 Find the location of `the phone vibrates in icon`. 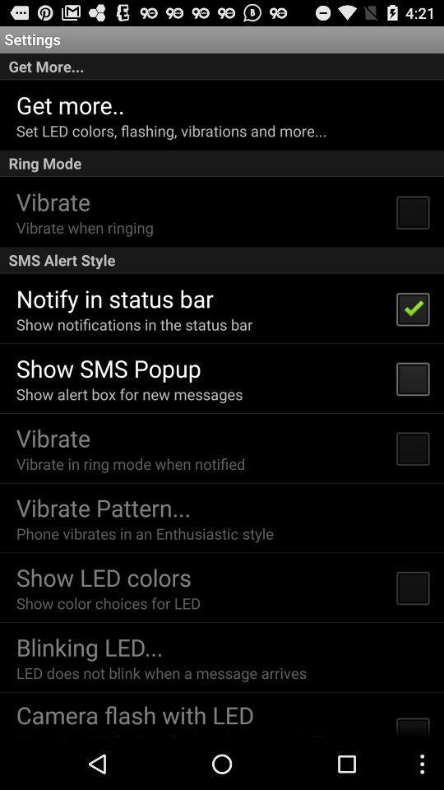

the phone vibrates in icon is located at coordinates (145, 532).